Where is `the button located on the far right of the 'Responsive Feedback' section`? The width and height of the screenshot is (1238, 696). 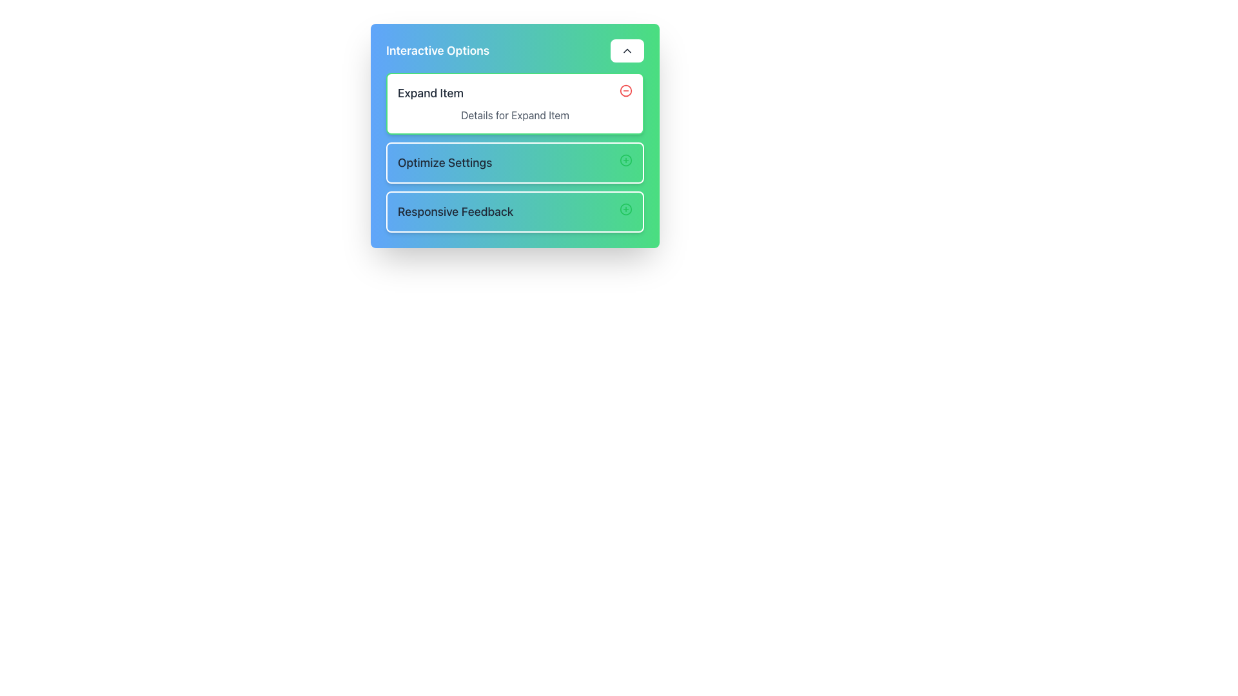
the button located on the far right of the 'Responsive Feedback' section is located at coordinates (625, 208).